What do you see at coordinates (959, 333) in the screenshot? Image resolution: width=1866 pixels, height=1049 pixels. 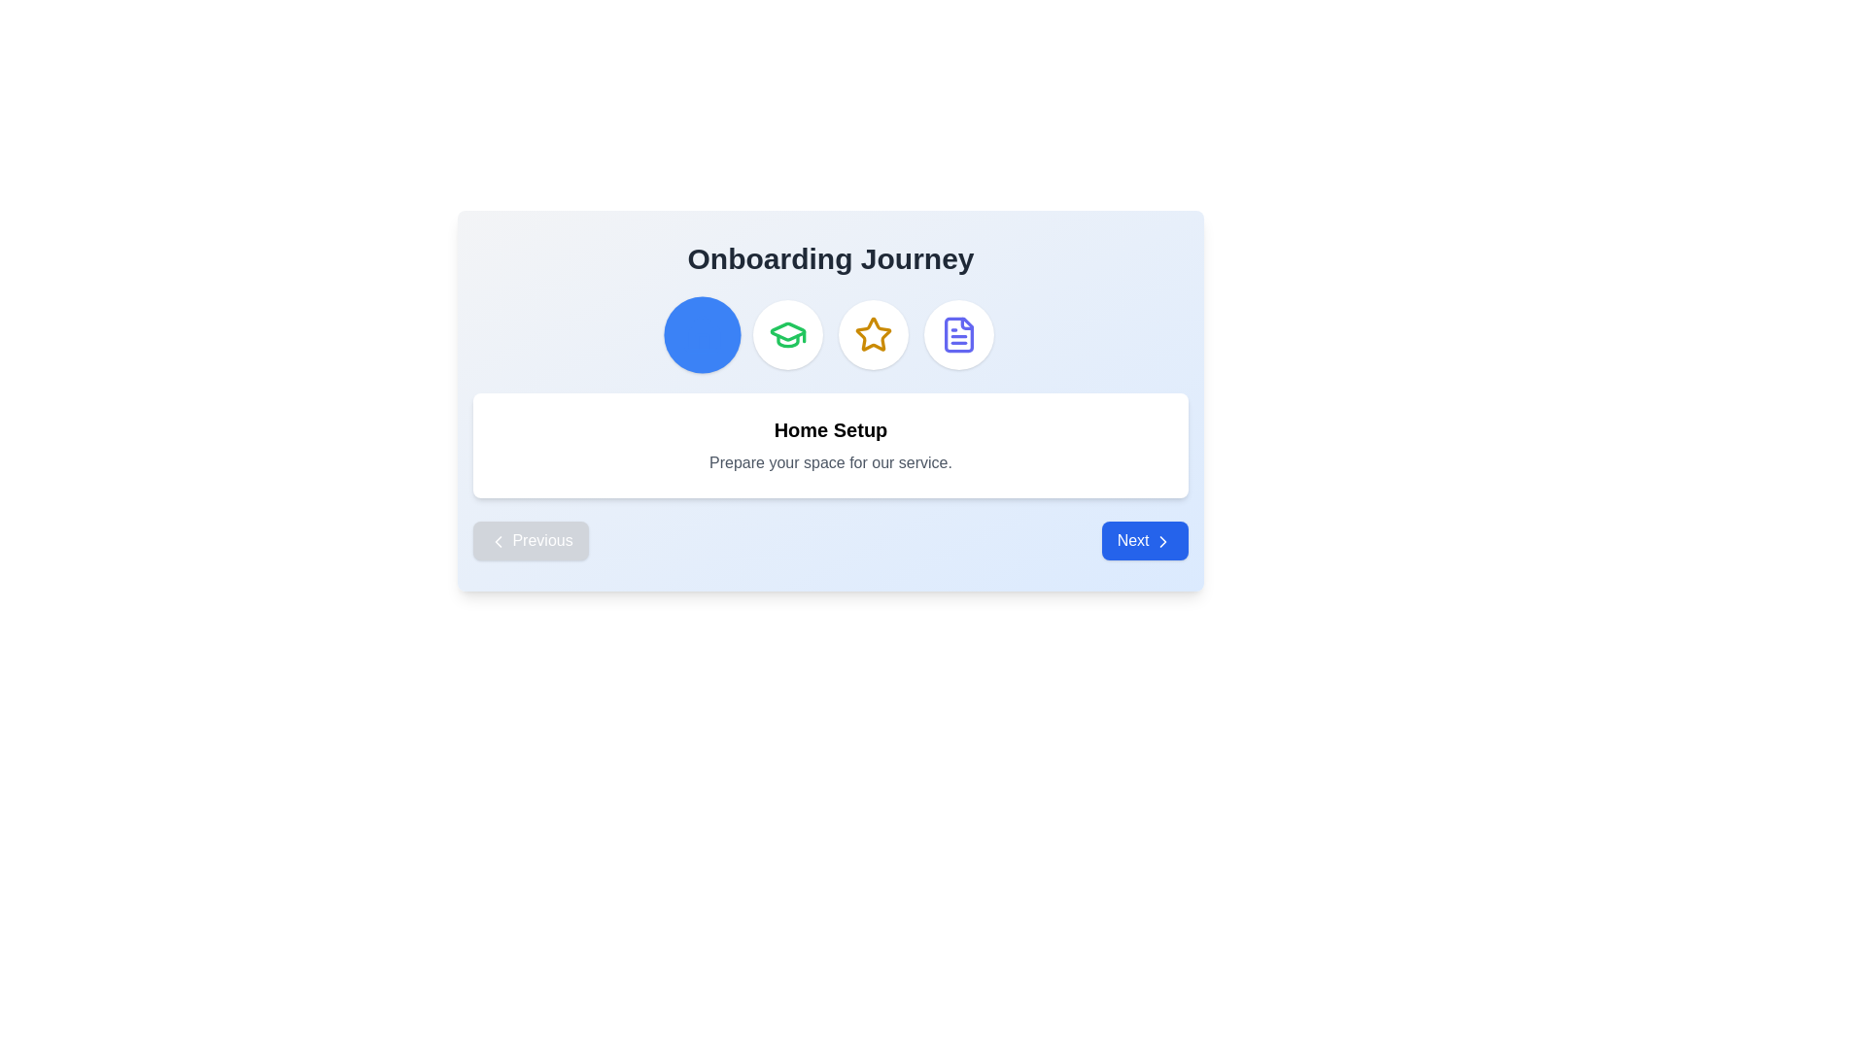 I see `the stylized blue document icon with a folded corner, located inside a circular button in the Onboarding Journey section, which is the fourth icon from the left in the row of buttons` at bounding box center [959, 333].